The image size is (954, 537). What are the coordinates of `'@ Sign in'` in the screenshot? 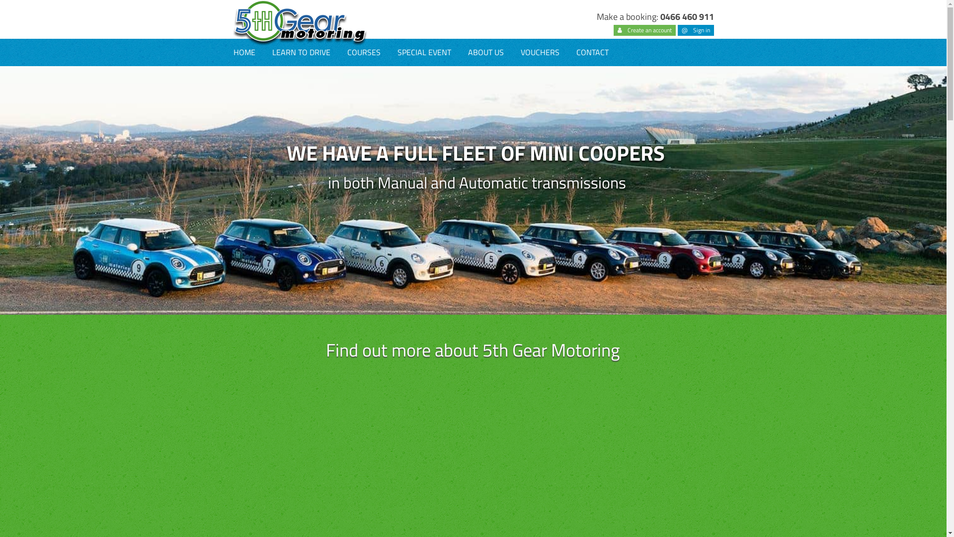 It's located at (695, 30).